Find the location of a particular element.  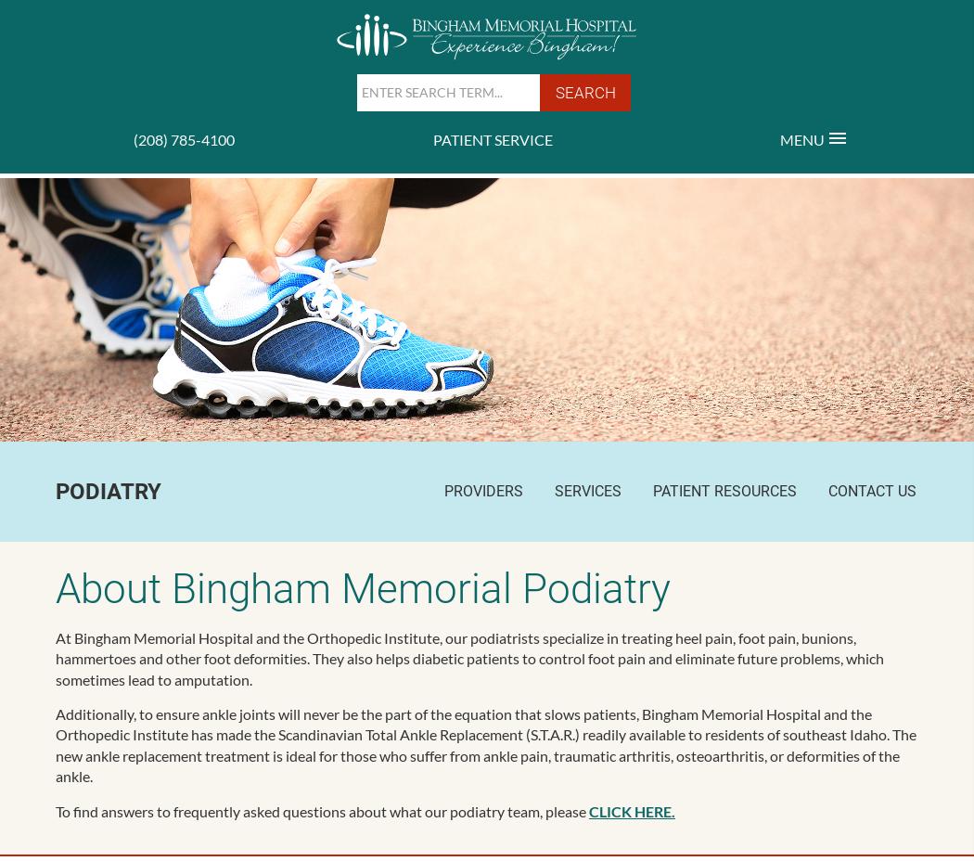

'CLICK HERE.' is located at coordinates (632, 810).